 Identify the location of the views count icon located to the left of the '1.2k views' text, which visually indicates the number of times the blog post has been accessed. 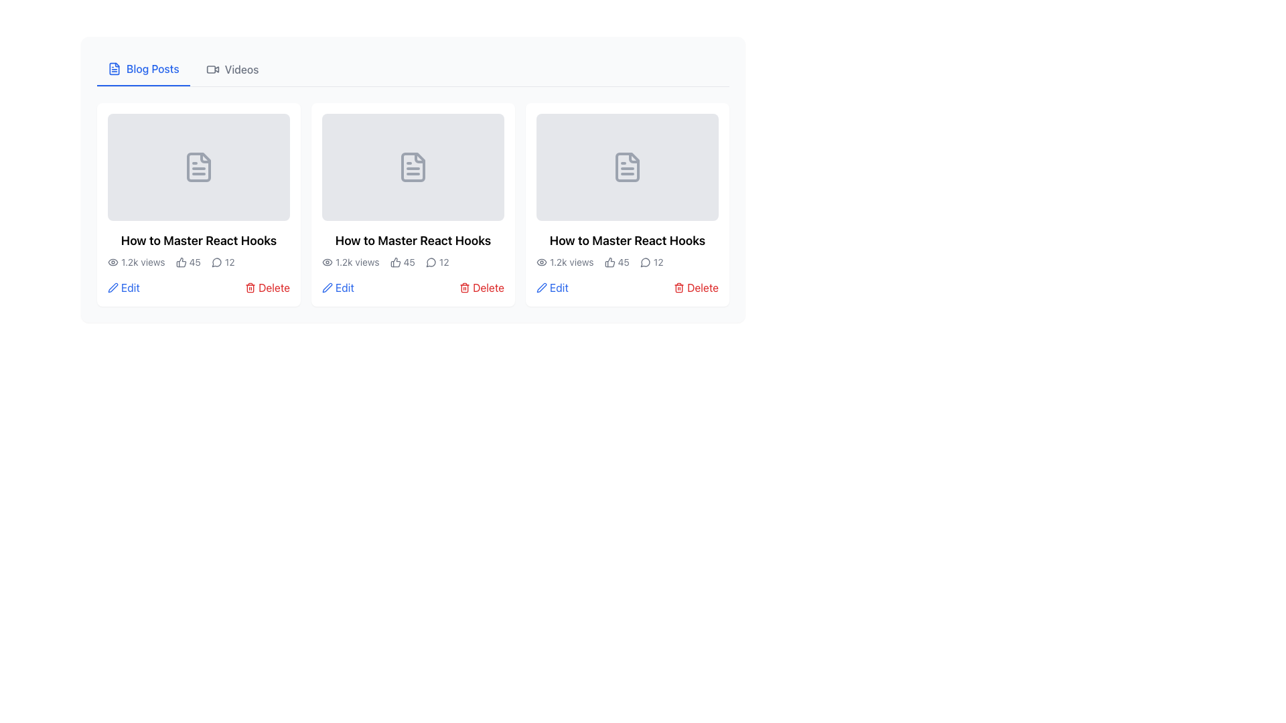
(328, 262).